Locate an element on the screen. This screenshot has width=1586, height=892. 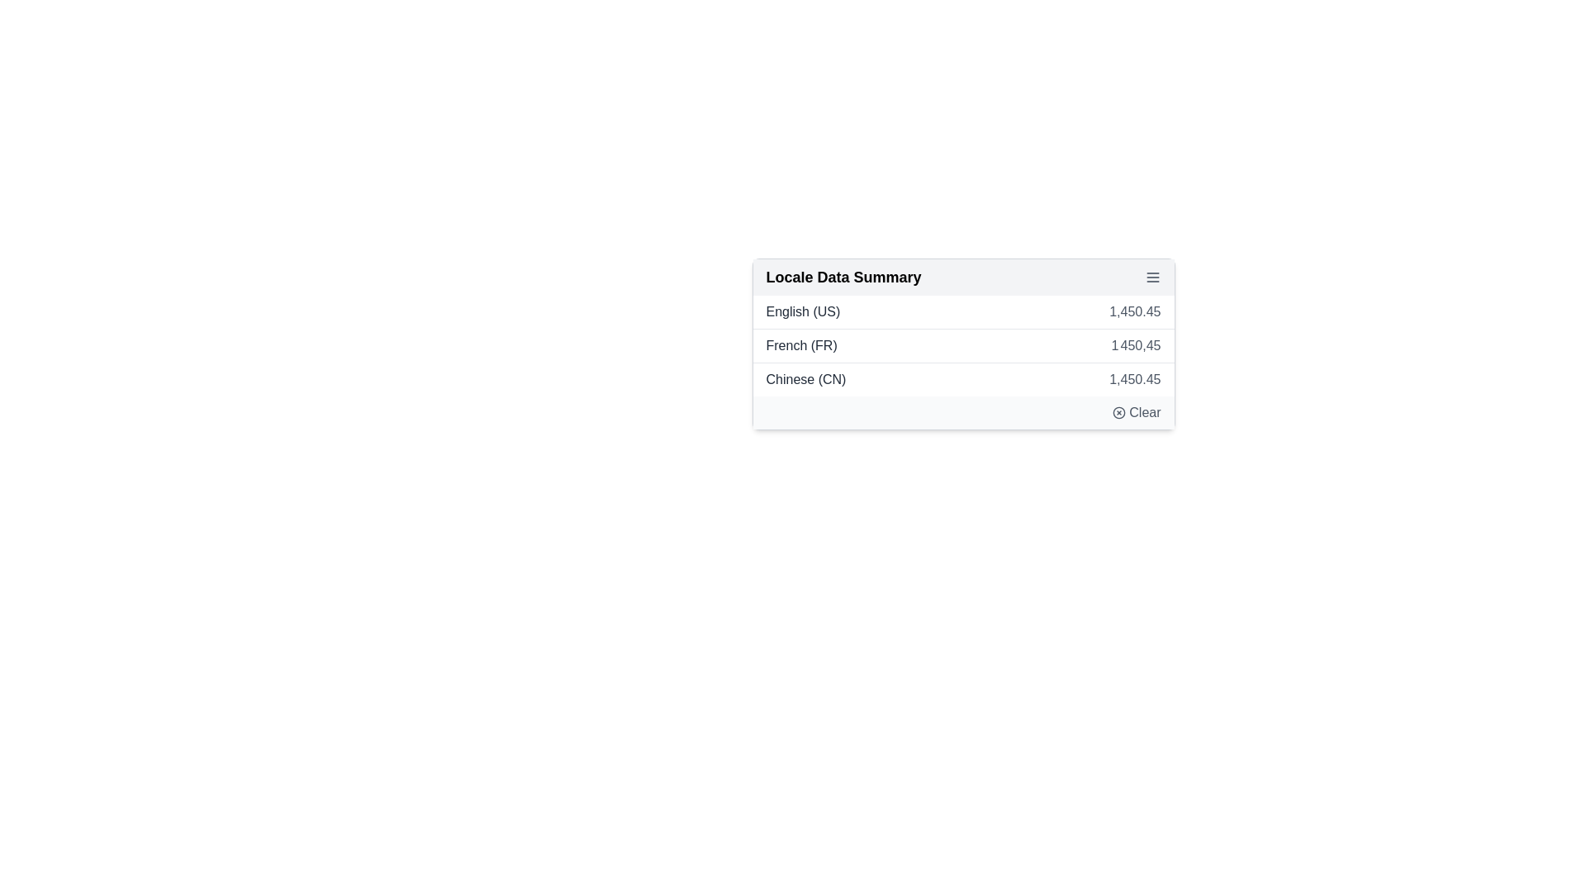
the 'Clear' button, which features a circular icon with a cross and the text 'Clear', located in the bottom-right corner of the 'Locale Data Summary' panel is located at coordinates (1136, 412).